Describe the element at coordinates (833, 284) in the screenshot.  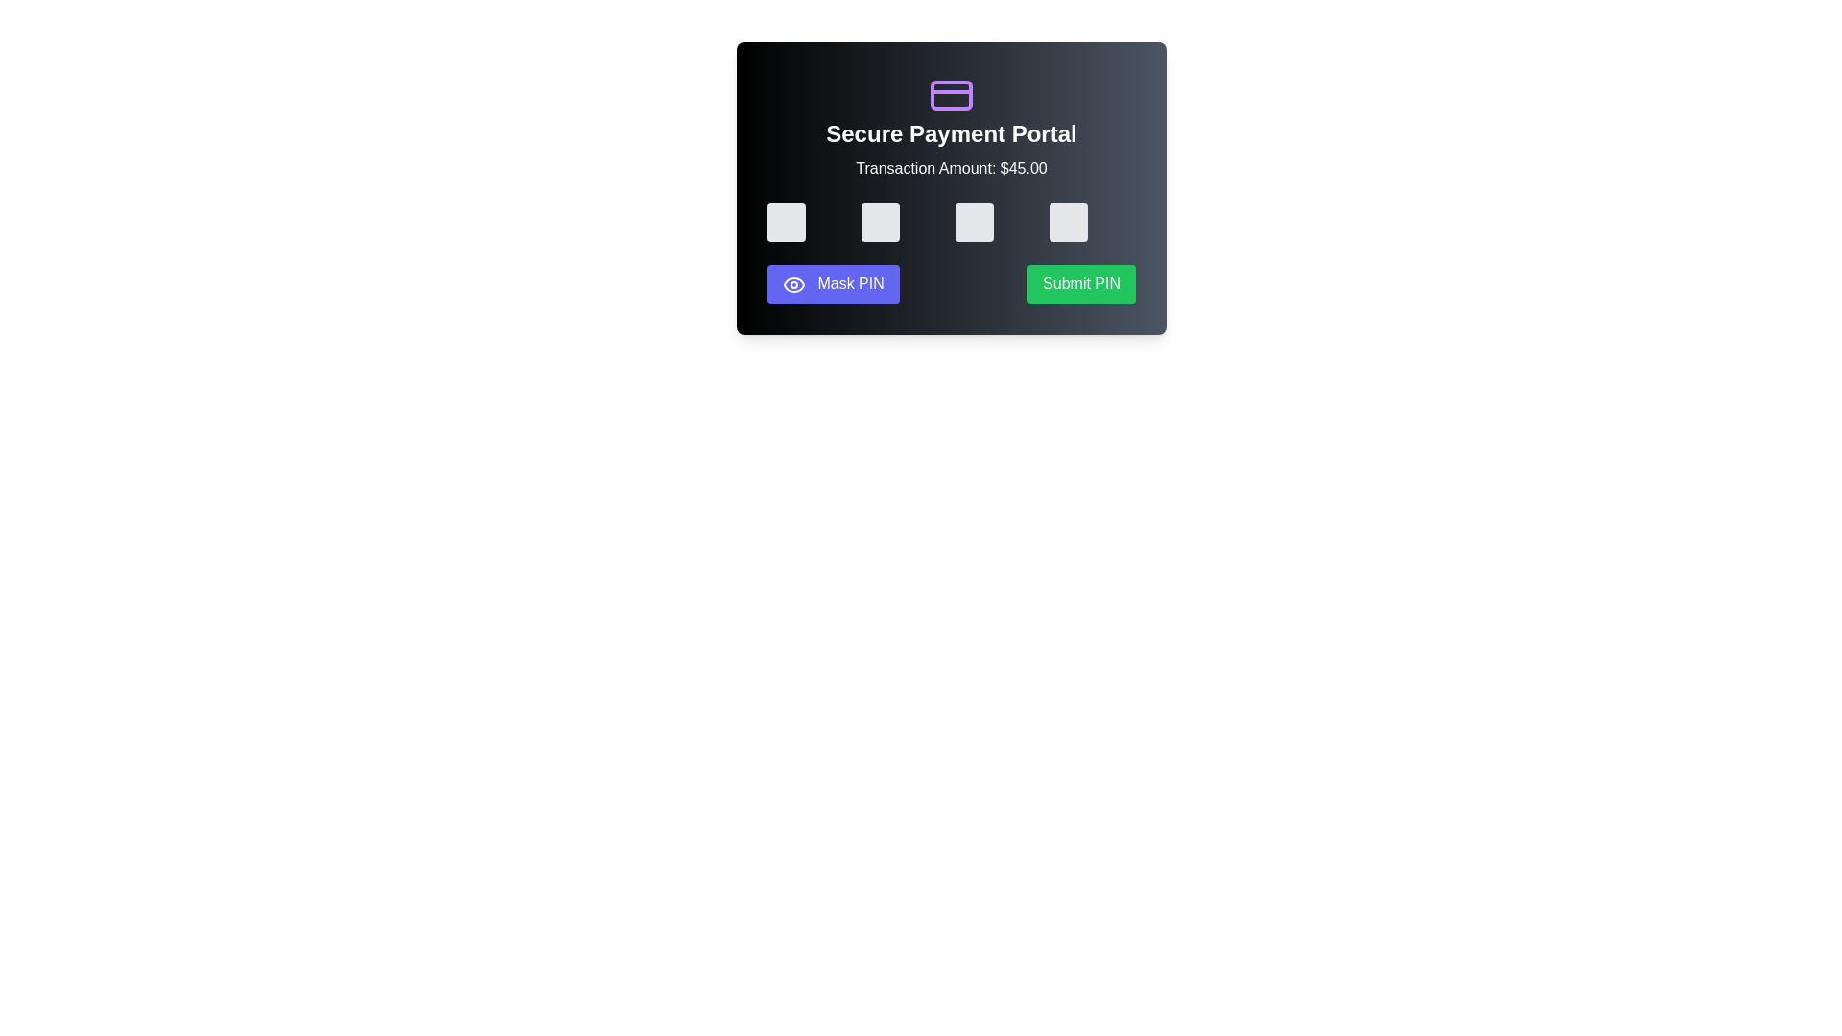
I see `the button located on the left side below the input boxes` at that location.